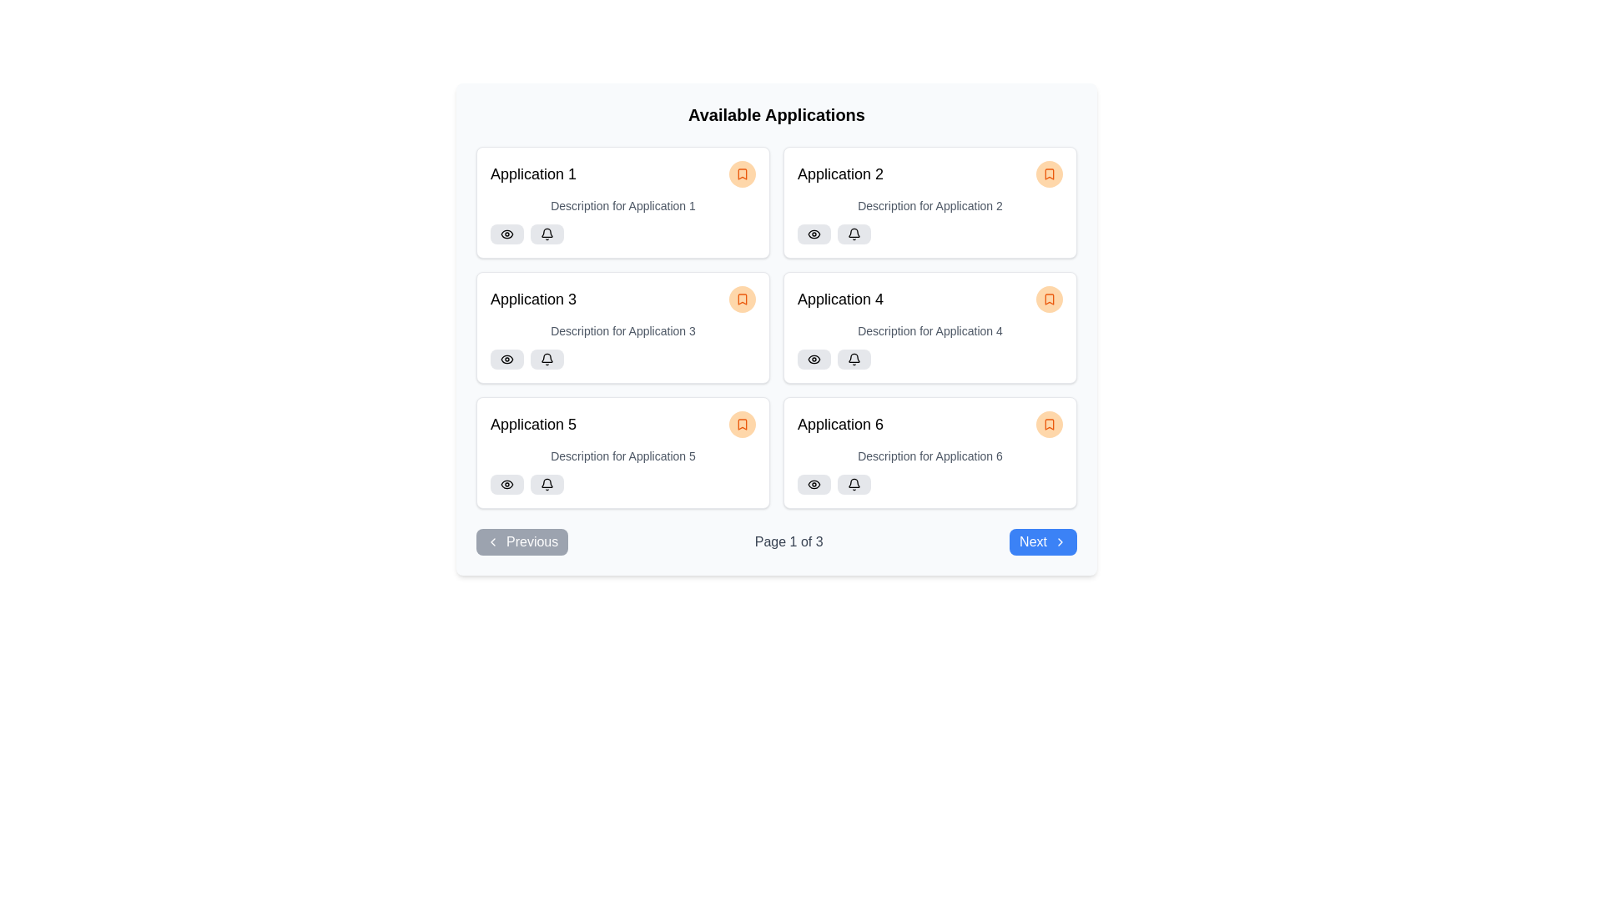 Image resolution: width=1602 pixels, height=901 pixels. What do you see at coordinates (491, 542) in the screenshot?
I see `the 'Previous' button which contains a leftwards arrow icon, located towards the lower-left of the interface` at bounding box center [491, 542].